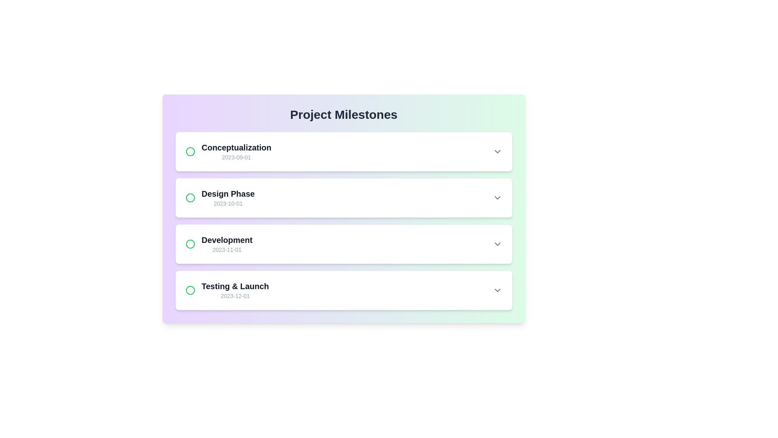 The width and height of the screenshot is (778, 438). What do you see at coordinates (220, 198) in the screenshot?
I see `the text of the second milestone in the 'Project Milestones' section` at bounding box center [220, 198].